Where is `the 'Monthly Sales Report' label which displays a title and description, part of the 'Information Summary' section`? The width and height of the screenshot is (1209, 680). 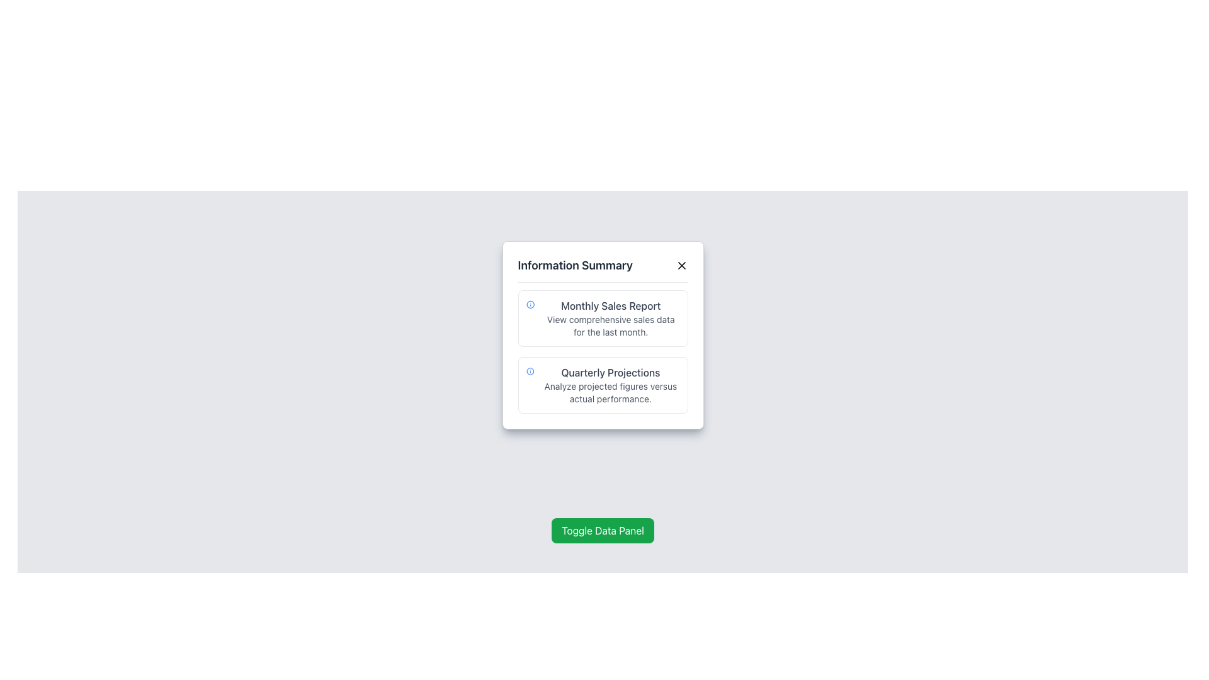 the 'Monthly Sales Report' label which displays a title and description, part of the 'Information Summary' section is located at coordinates (611, 317).